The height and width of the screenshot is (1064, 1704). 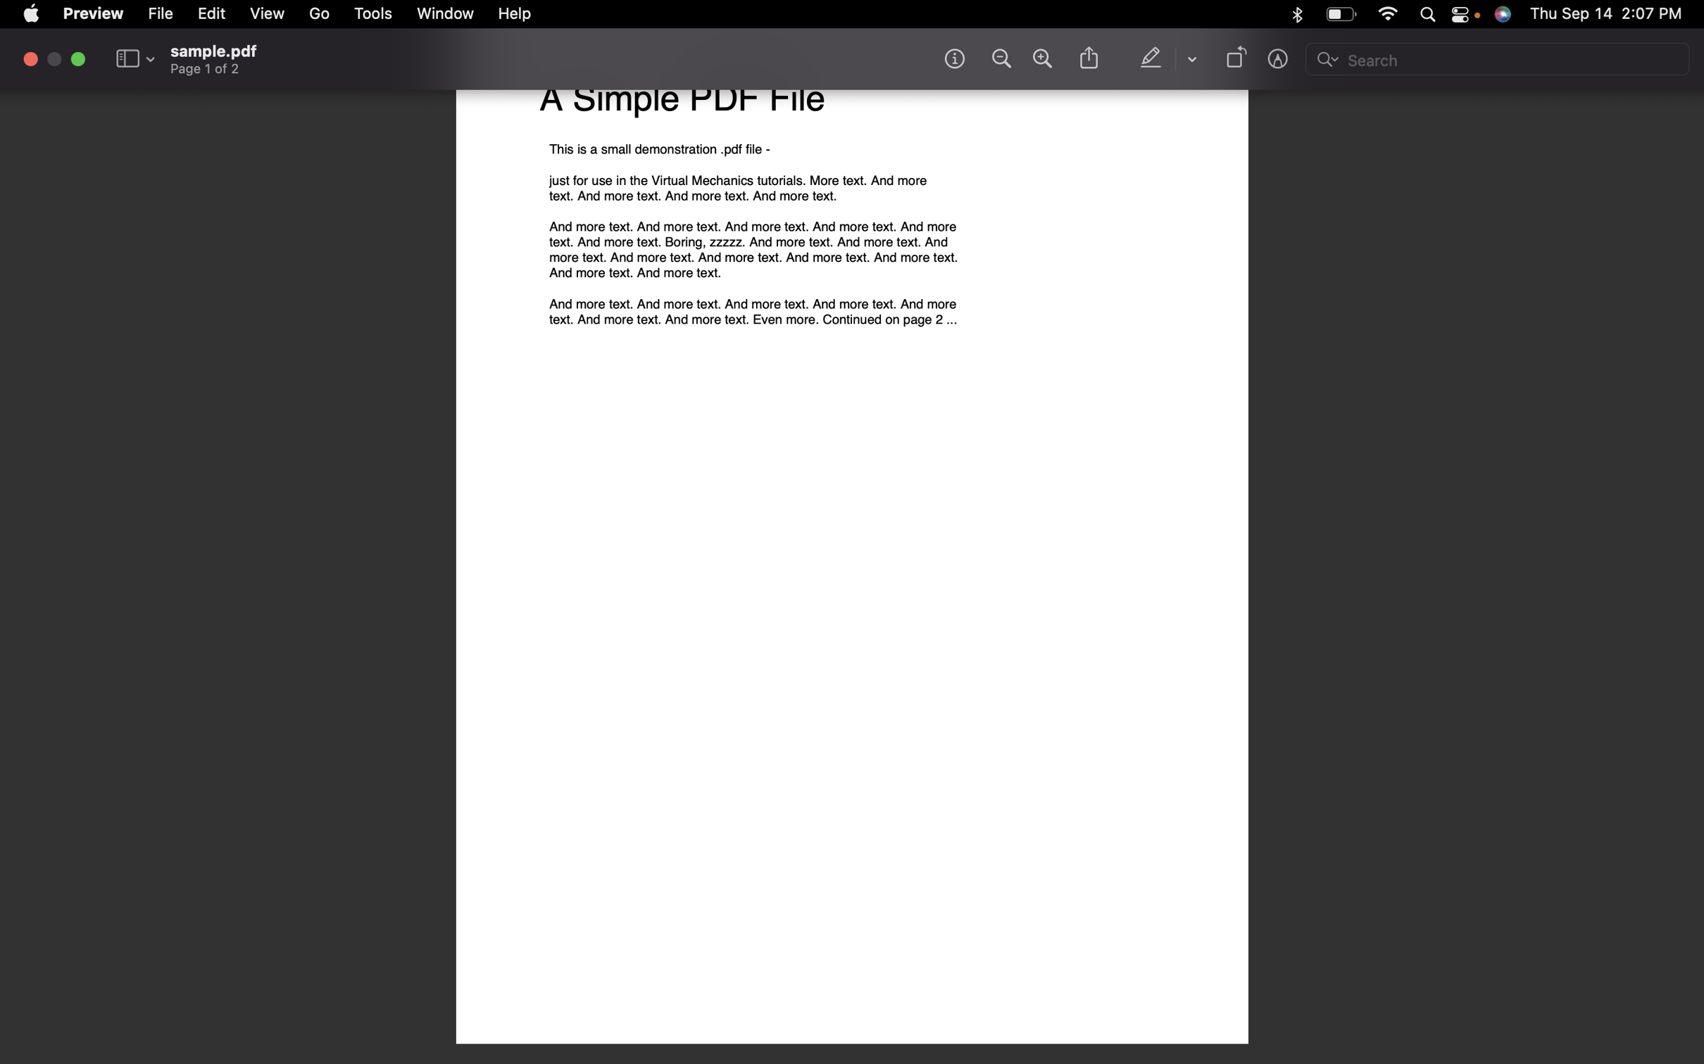 I want to click on the text to emphasize, so click(x=1153, y=58).